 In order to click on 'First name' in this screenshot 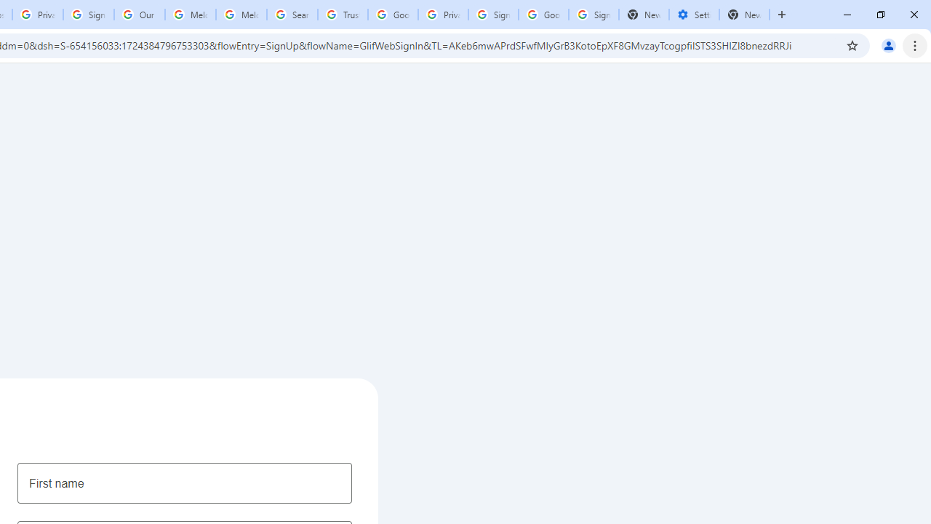, I will do `click(184, 483)`.